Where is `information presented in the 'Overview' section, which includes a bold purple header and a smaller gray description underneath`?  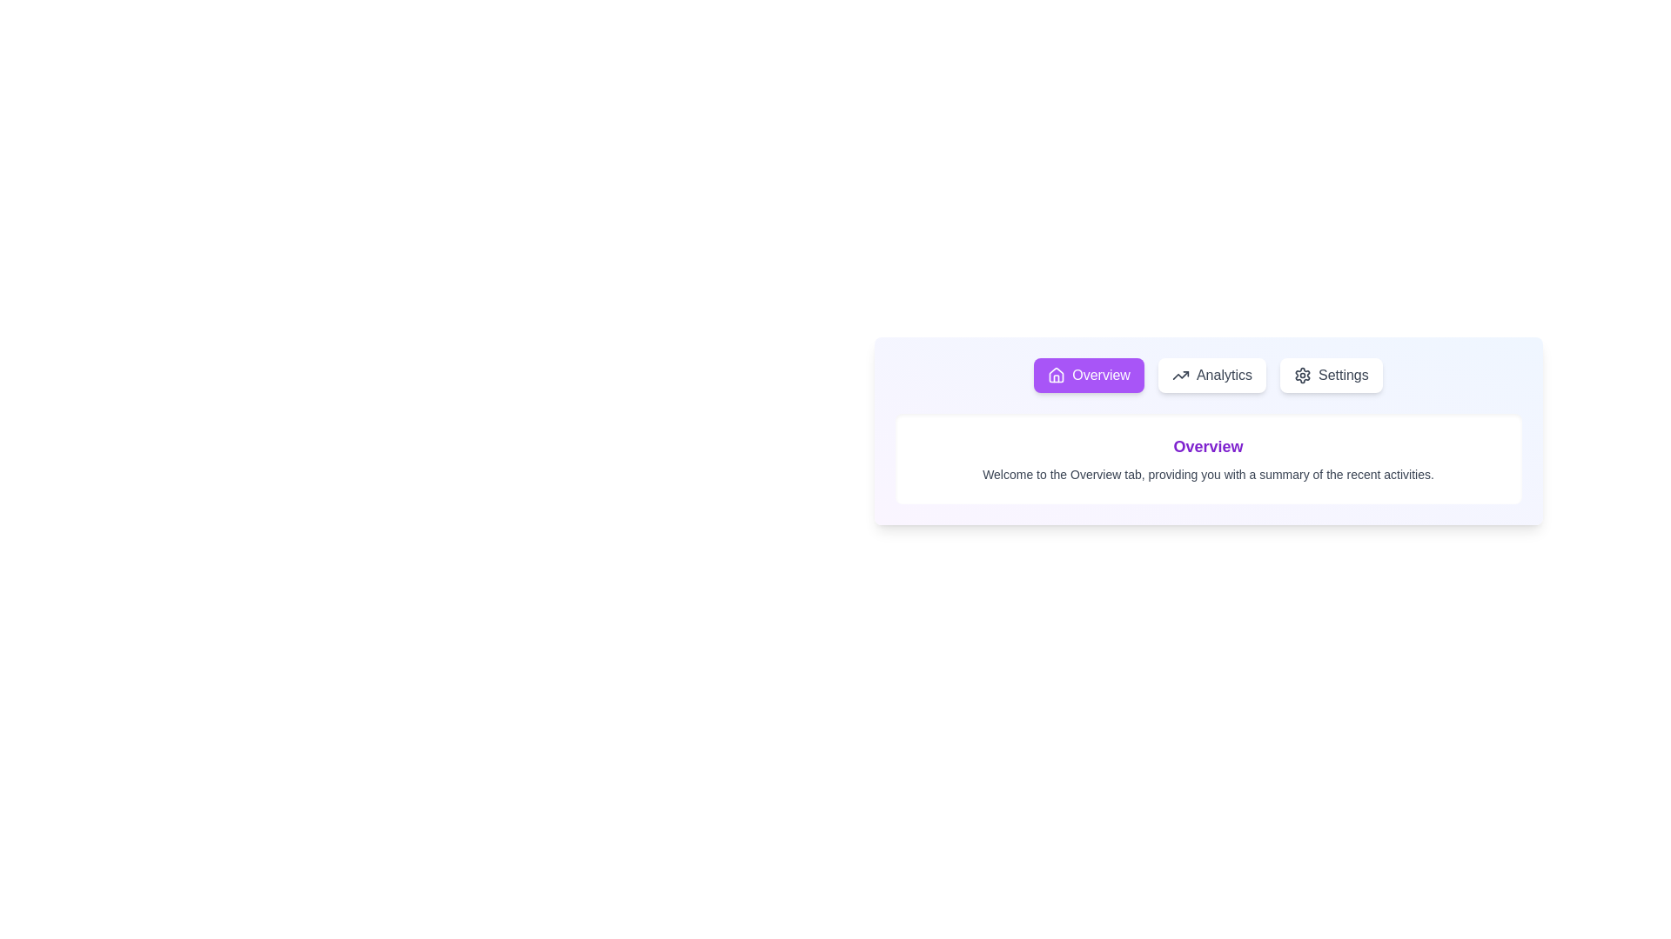 information presented in the 'Overview' section, which includes a bold purple header and a smaller gray description underneath is located at coordinates (1207, 458).